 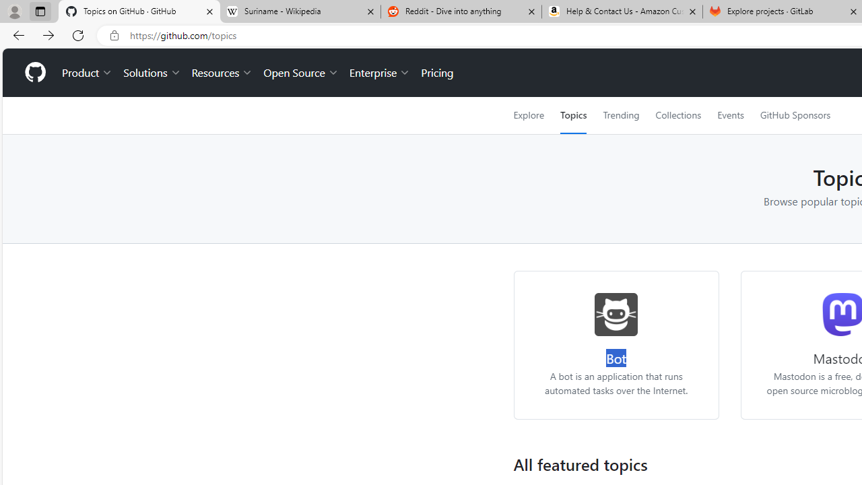 What do you see at coordinates (461, 11) in the screenshot?
I see `'Reddit - Dive into anything'` at bounding box center [461, 11].